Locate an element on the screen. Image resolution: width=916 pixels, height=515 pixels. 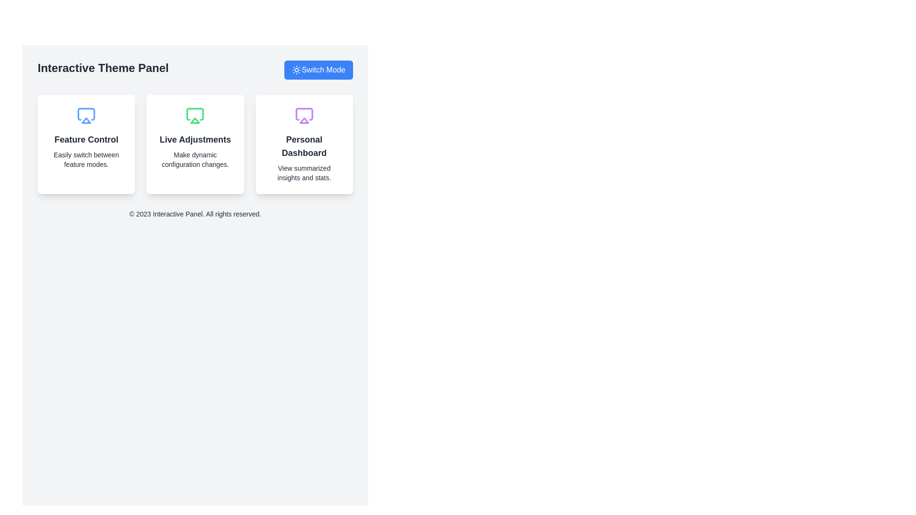
the text label providing supplementary information about the 'Live Adjustments' feature, which is positioned below the heading 'Live Adjustments' in the center card of a three-card layout is located at coordinates (195, 159).